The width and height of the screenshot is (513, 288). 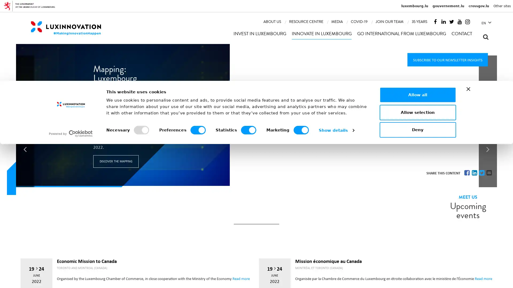 What do you see at coordinates (468, 233) in the screenshot?
I see `Close banner` at bounding box center [468, 233].